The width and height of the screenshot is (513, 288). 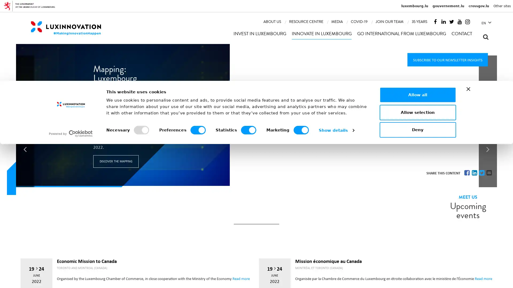 What do you see at coordinates (468, 233) in the screenshot?
I see `Close banner` at bounding box center [468, 233].